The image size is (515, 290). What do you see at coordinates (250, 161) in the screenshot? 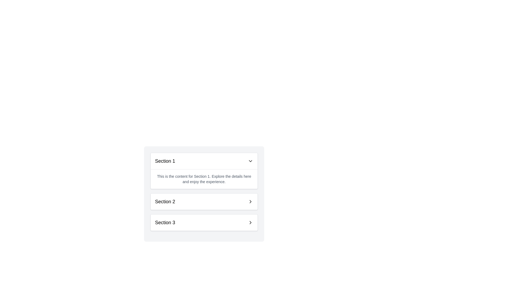
I see `the downward-pointing chevron arrow icon located at the far-right edge of the header labeled 'Section 1'` at bounding box center [250, 161].